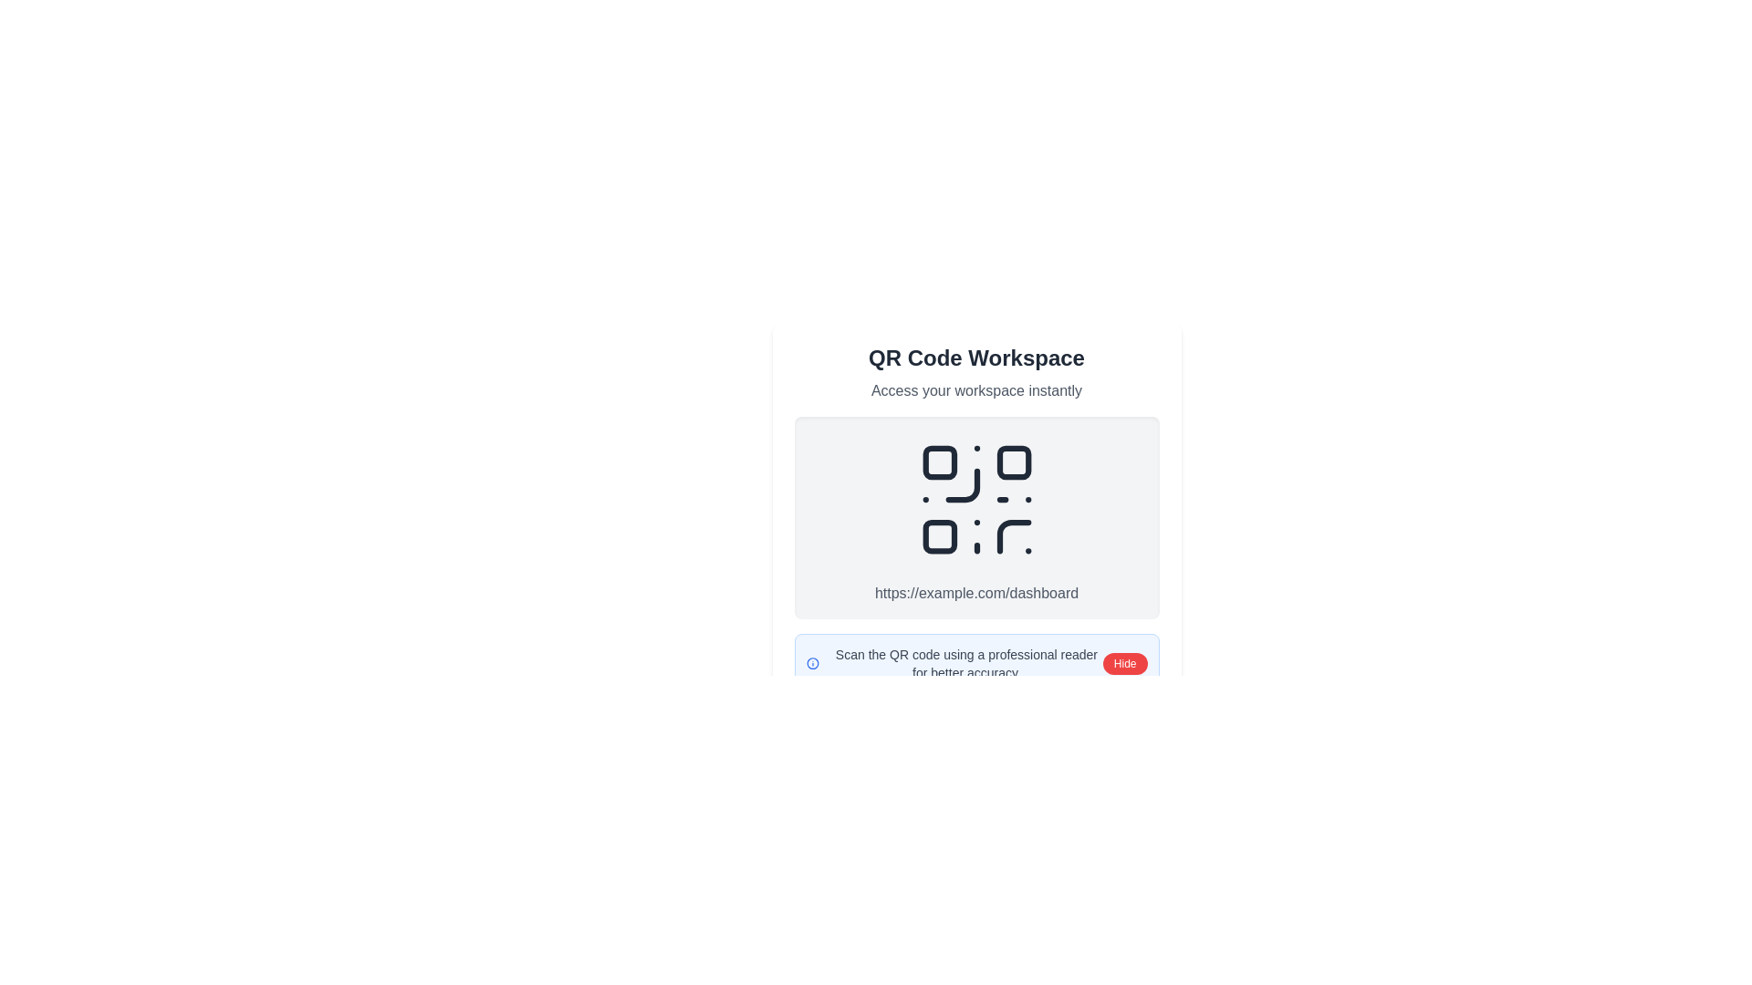  What do you see at coordinates (975, 371) in the screenshot?
I see `the text block that introduces and provides context to the QR code section, located above the QR code graphic and URL` at bounding box center [975, 371].